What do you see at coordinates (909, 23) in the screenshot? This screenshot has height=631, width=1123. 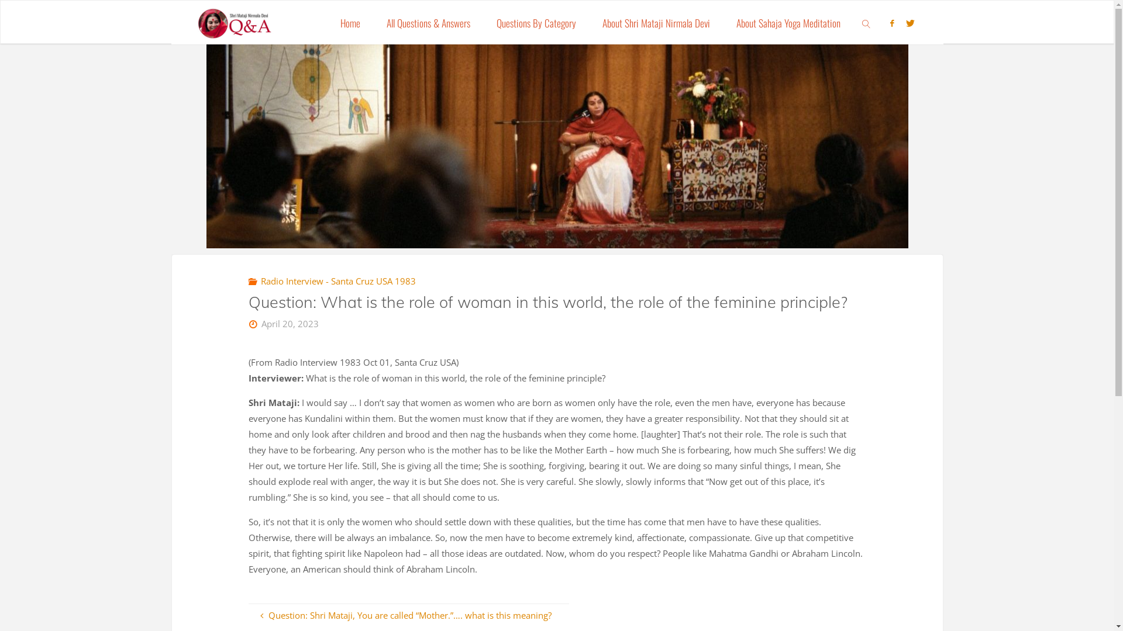 I see `'Twitter'` at bounding box center [909, 23].